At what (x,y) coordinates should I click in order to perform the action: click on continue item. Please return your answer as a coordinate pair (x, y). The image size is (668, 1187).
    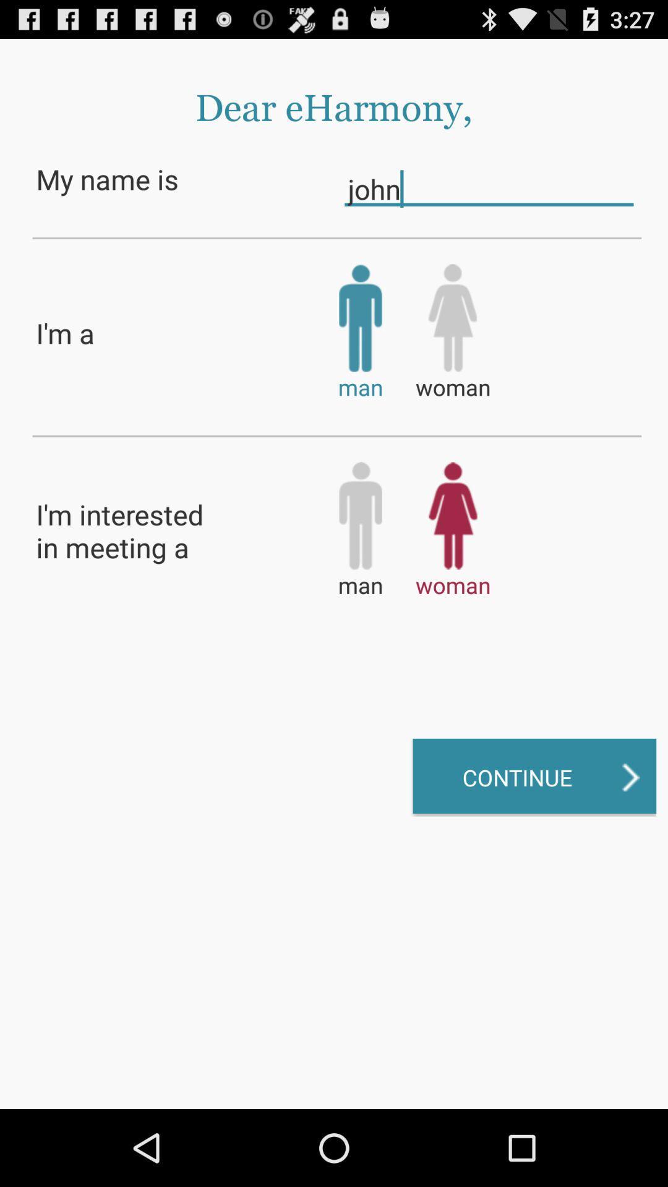
    Looking at the image, I should click on (534, 776).